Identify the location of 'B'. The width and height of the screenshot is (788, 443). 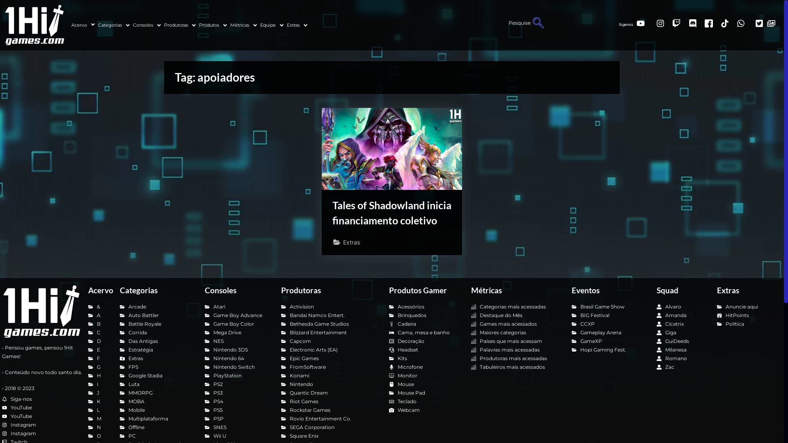
(99, 323).